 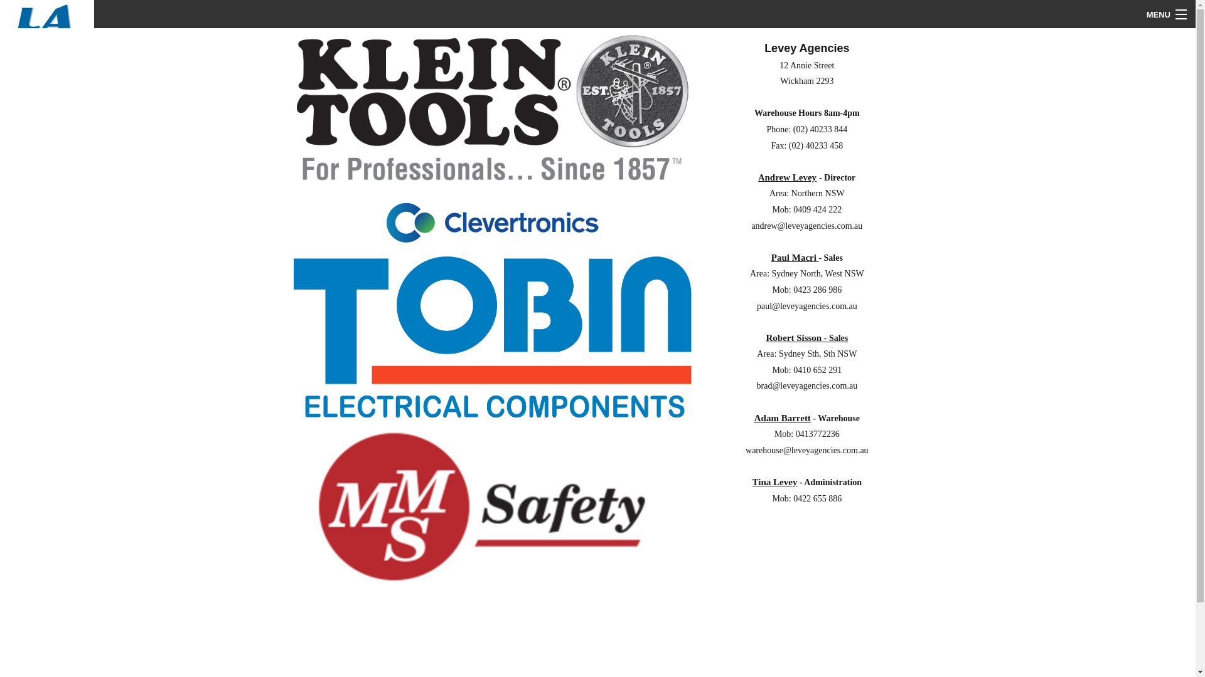 What do you see at coordinates (1137, 14) in the screenshot?
I see `'MENU'` at bounding box center [1137, 14].